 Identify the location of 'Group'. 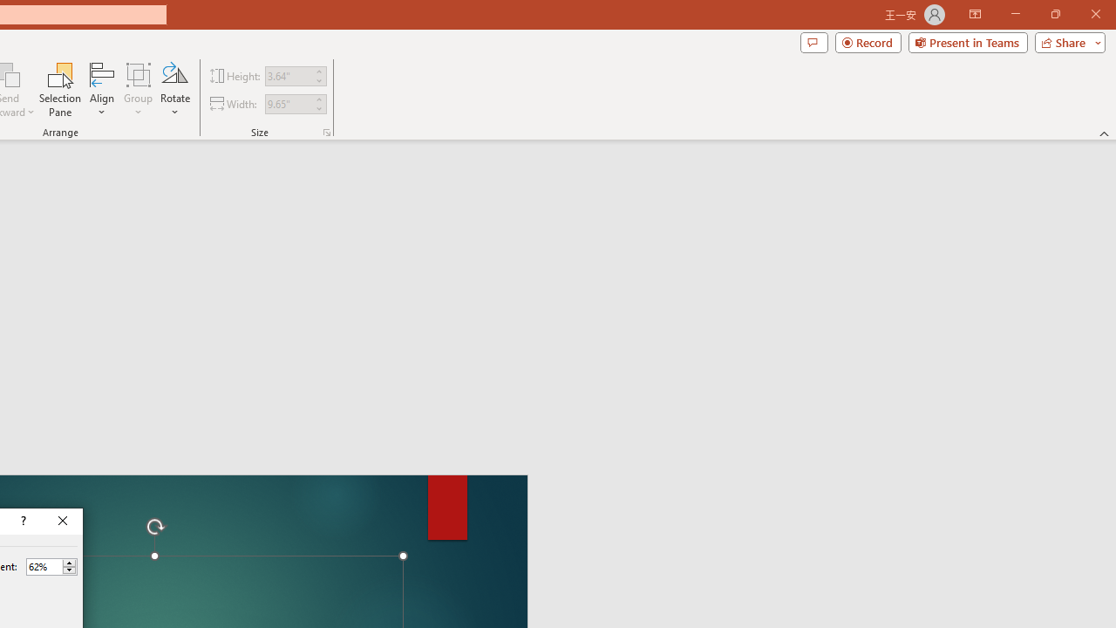
(138, 90).